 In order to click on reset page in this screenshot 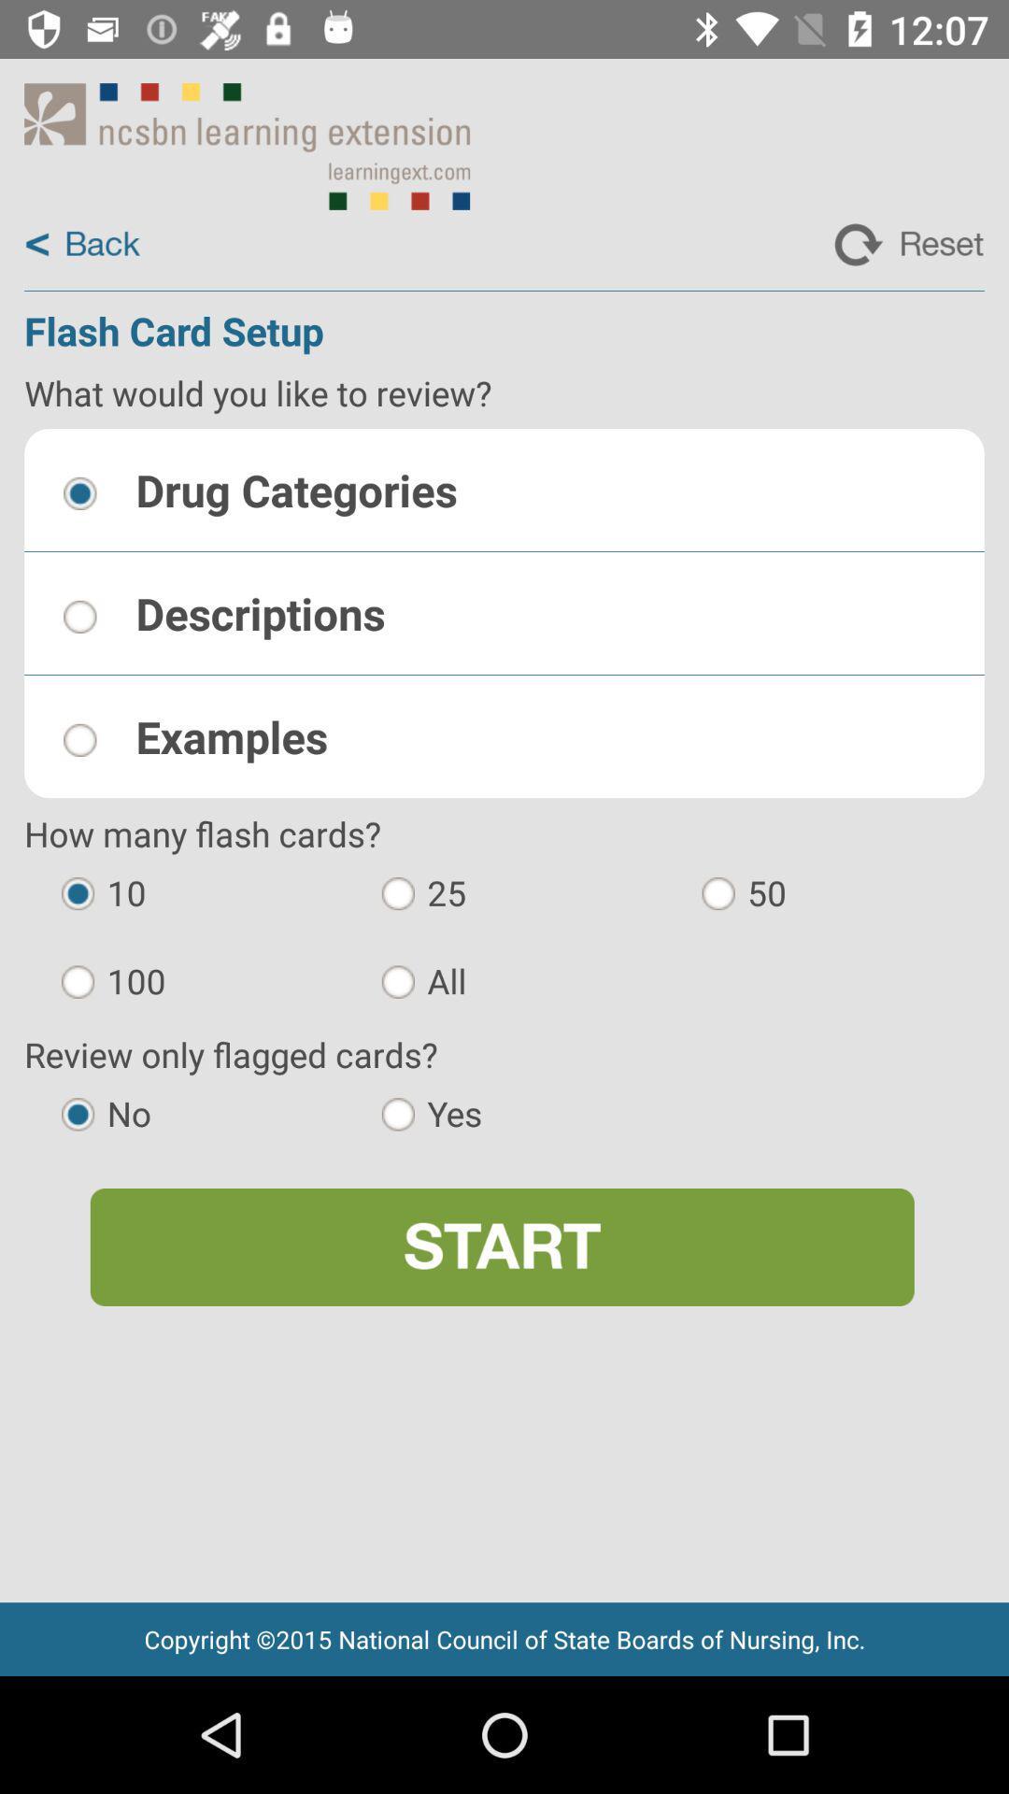, I will do `click(908, 244)`.